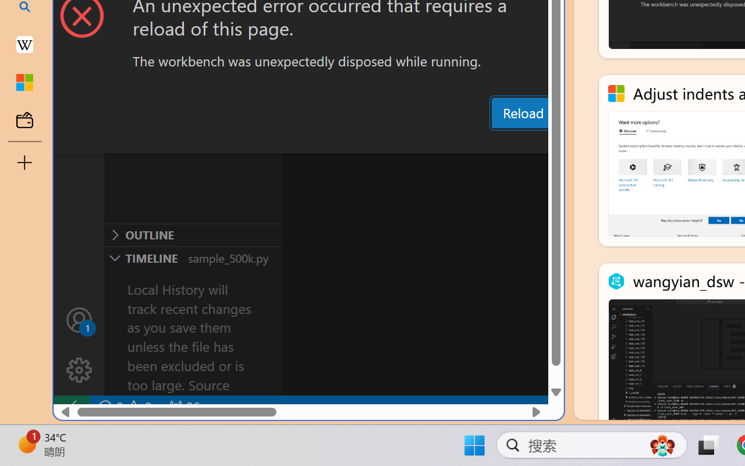 Image resolution: width=745 pixels, height=466 pixels. I want to click on 'Earth - Wikipedia', so click(24, 44).